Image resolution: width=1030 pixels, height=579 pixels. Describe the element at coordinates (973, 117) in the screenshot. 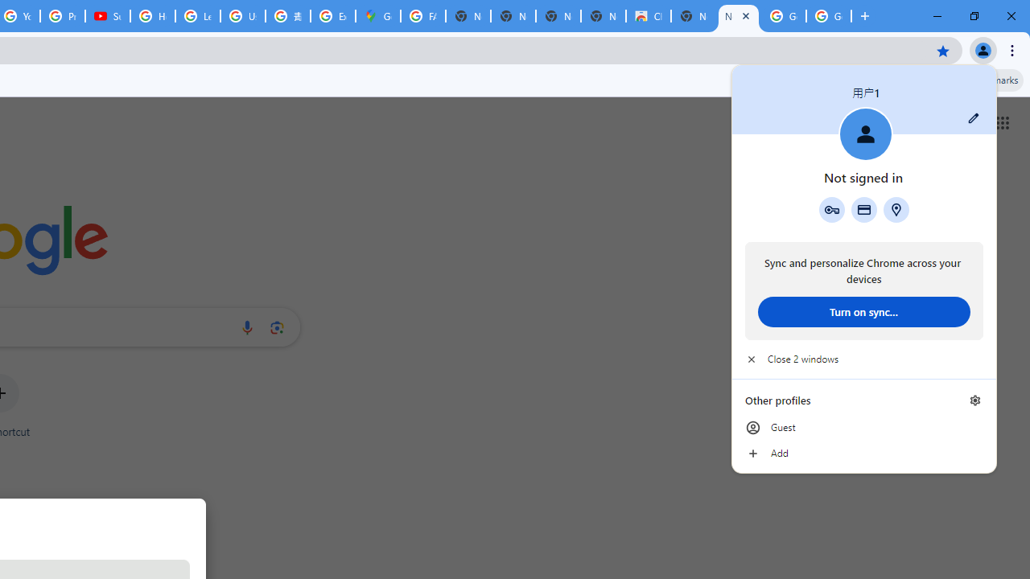

I see `'Customize profile'` at that location.